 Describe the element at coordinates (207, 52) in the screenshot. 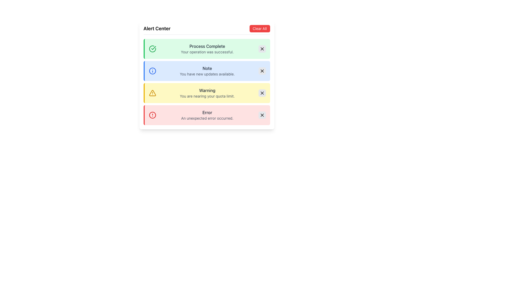

I see `the static text label inside the green notification box that provides additional descriptive information about the success of an operation, located under the title 'Process Complete' in the Alert Center` at that location.